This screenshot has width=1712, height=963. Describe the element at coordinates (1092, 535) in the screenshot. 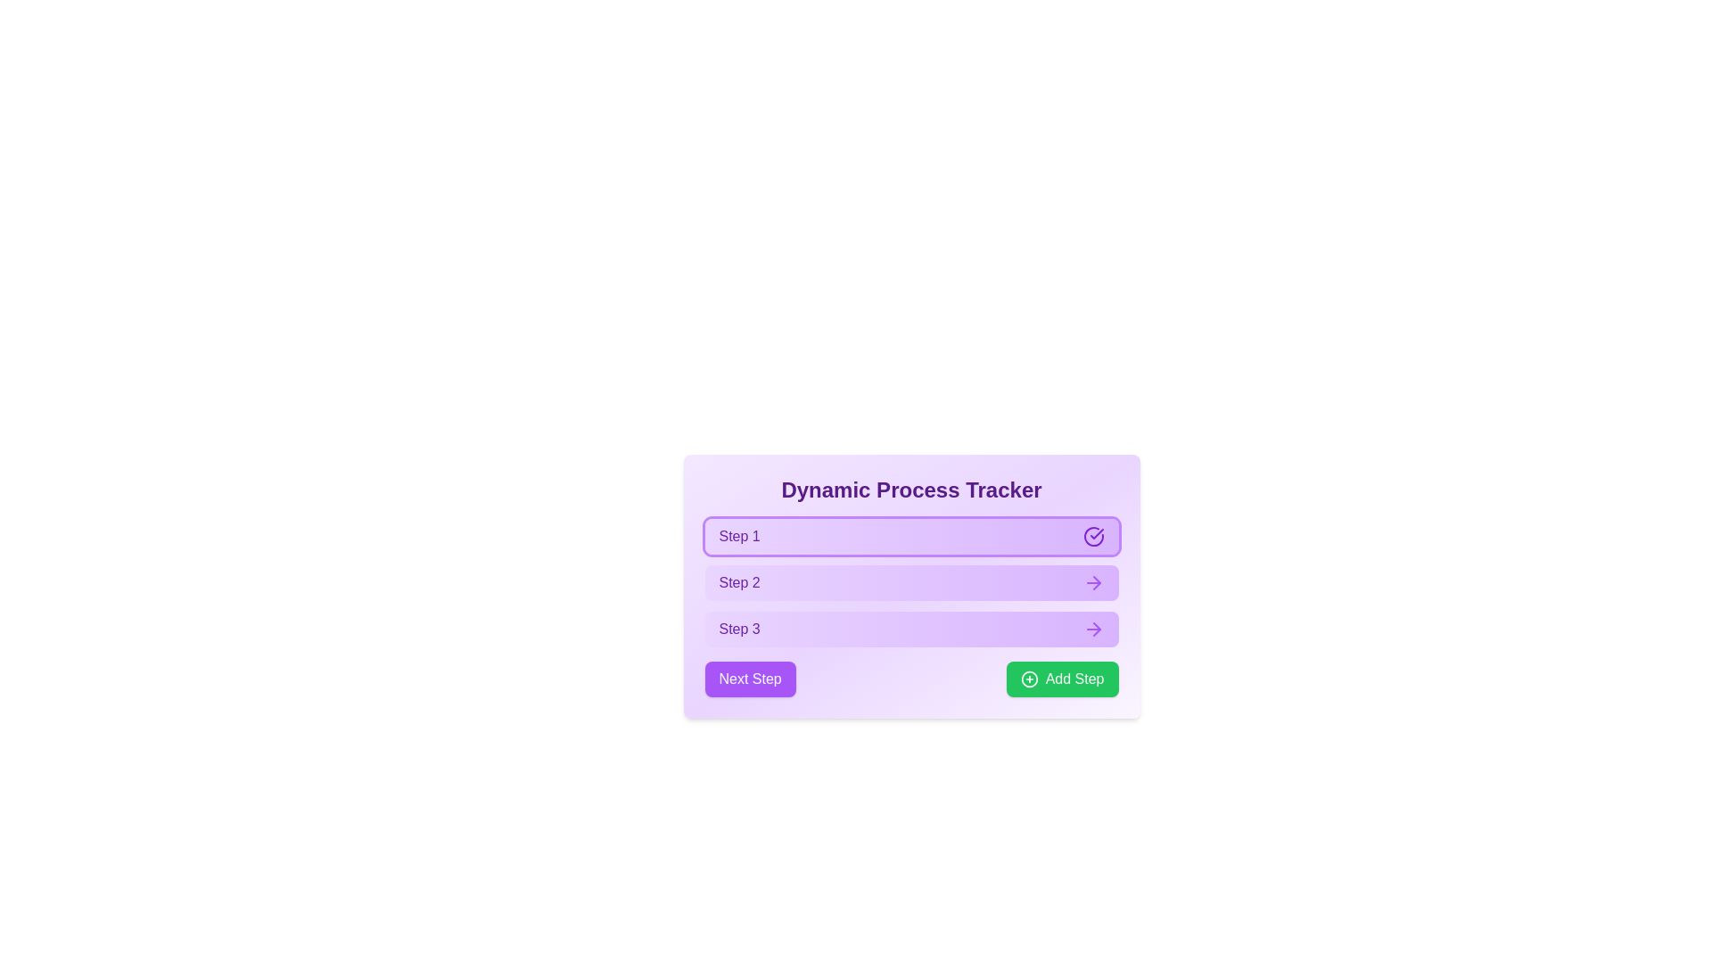

I see `the SVG icon representing the completed status for the 'Step 1' input field, which is characterized by a circular outline of a check mark` at that location.